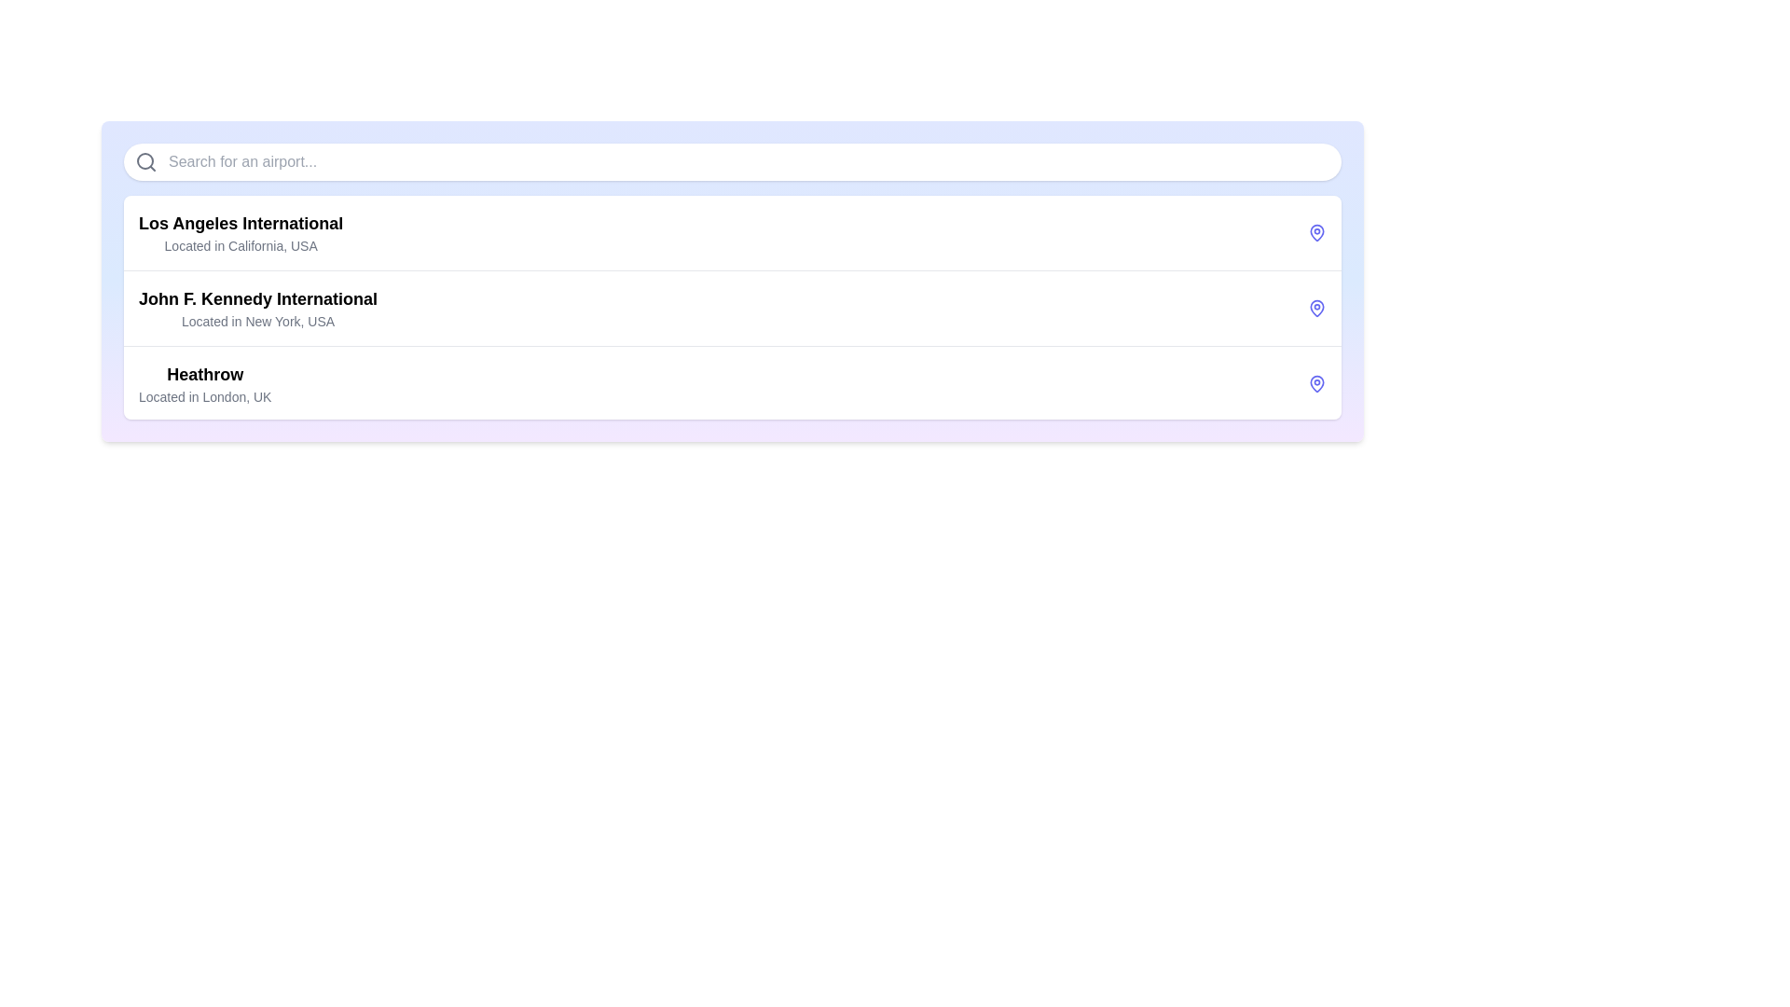 Image resolution: width=1790 pixels, height=1007 pixels. Describe the element at coordinates (1315, 308) in the screenshot. I see `the indigo blue map pin icon located to the far right of the 'John F. Kennedy International' listing` at that location.